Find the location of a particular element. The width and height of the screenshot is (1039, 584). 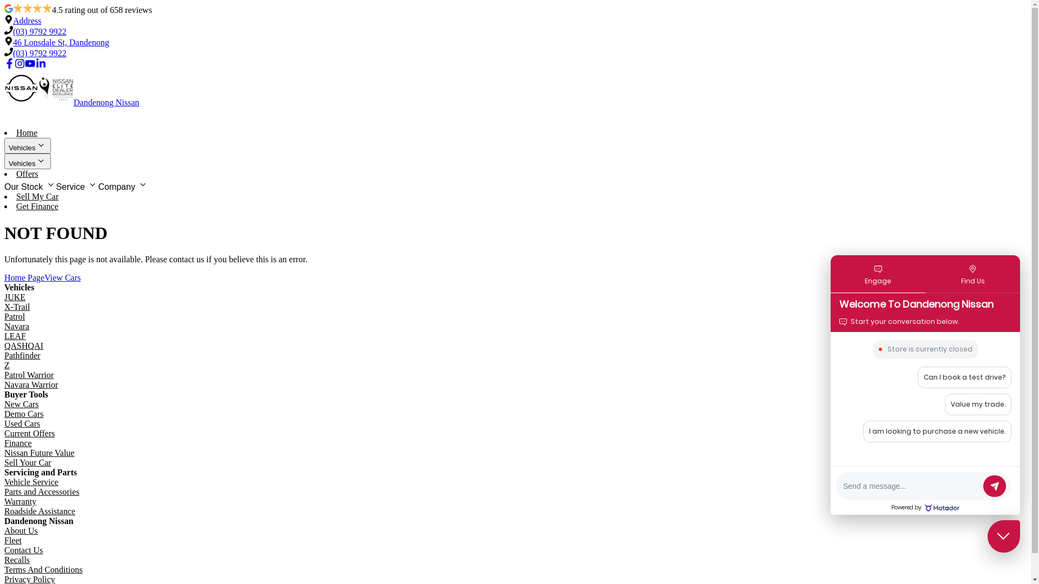

'Address' is located at coordinates (27, 21).